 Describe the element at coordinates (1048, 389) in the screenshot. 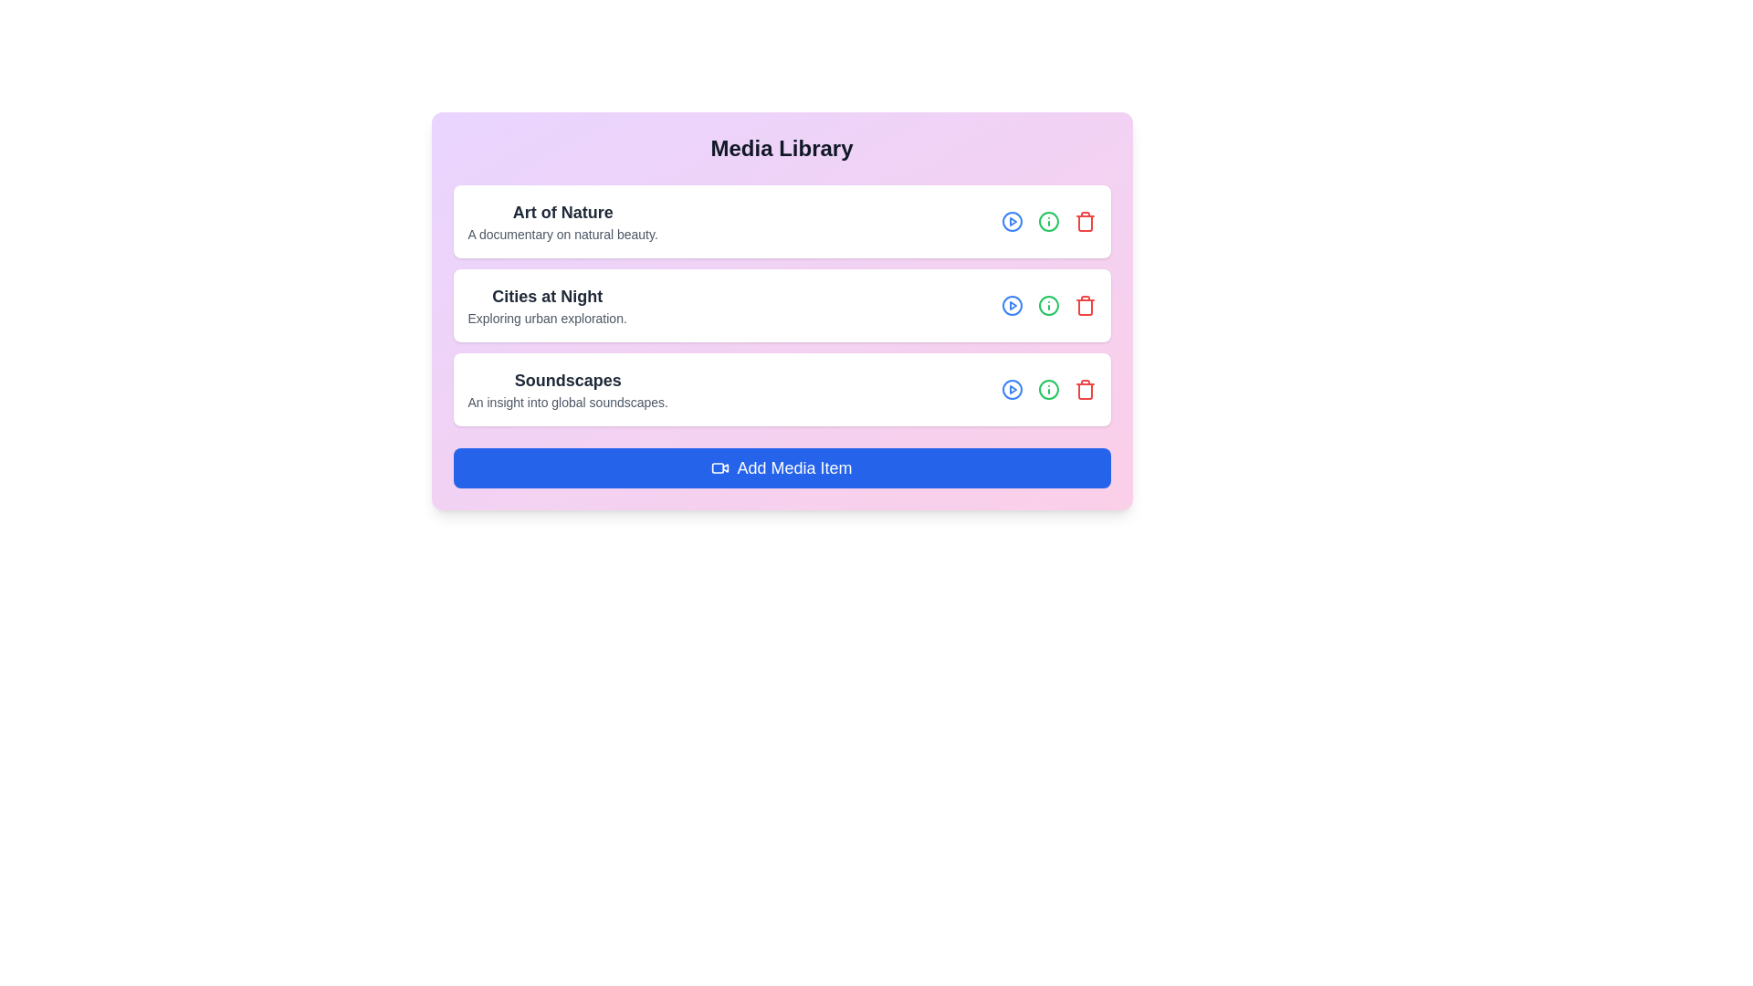

I see `information icon for the media item titled Soundscapes` at that location.